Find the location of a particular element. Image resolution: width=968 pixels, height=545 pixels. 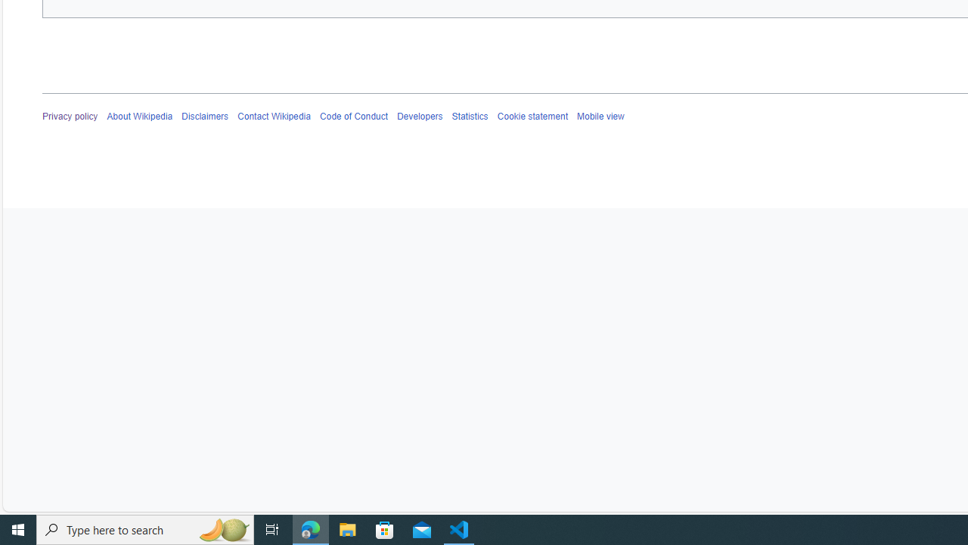

'Privacy policy' is located at coordinates (70, 116).